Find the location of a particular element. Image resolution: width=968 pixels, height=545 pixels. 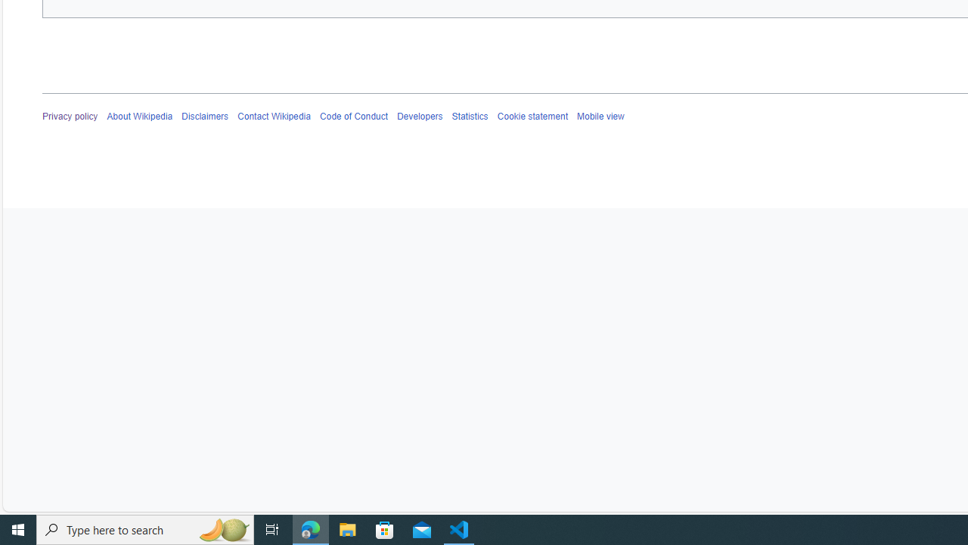

'Privacy policy' is located at coordinates (70, 116).